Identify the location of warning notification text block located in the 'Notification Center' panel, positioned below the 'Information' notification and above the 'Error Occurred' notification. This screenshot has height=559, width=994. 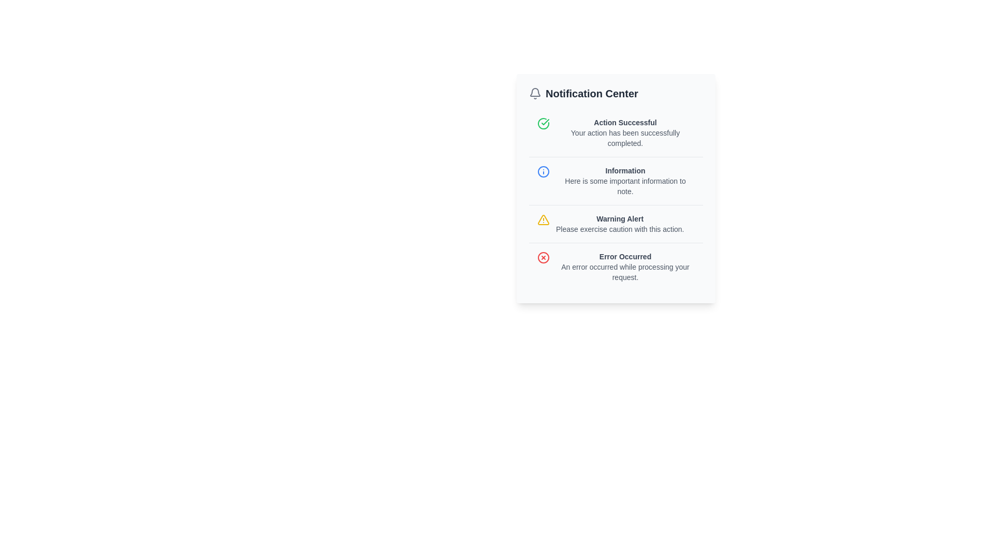
(620, 223).